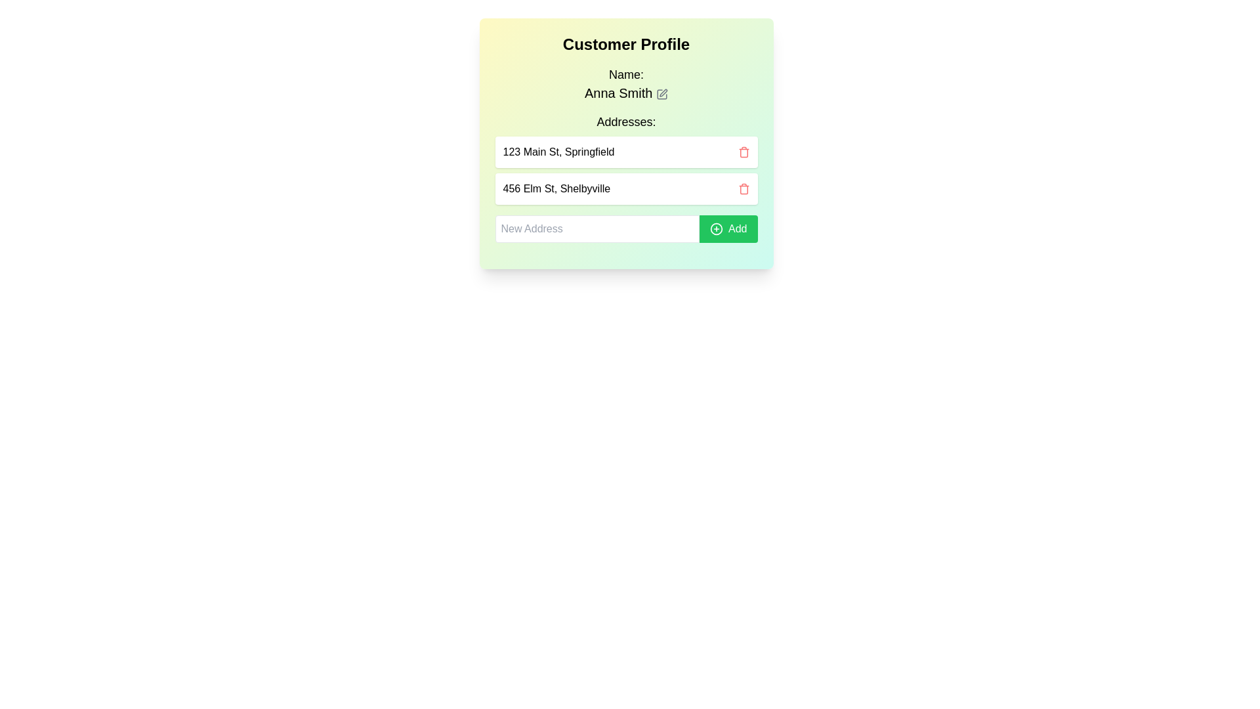 The width and height of the screenshot is (1260, 709). What do you see at coordinates (663, 92) in the screenshot?
I see `the small pen-like icon representing the edit function located next to the label 'Anna Smith' in the dialog box` at bounding box center [663, 92].